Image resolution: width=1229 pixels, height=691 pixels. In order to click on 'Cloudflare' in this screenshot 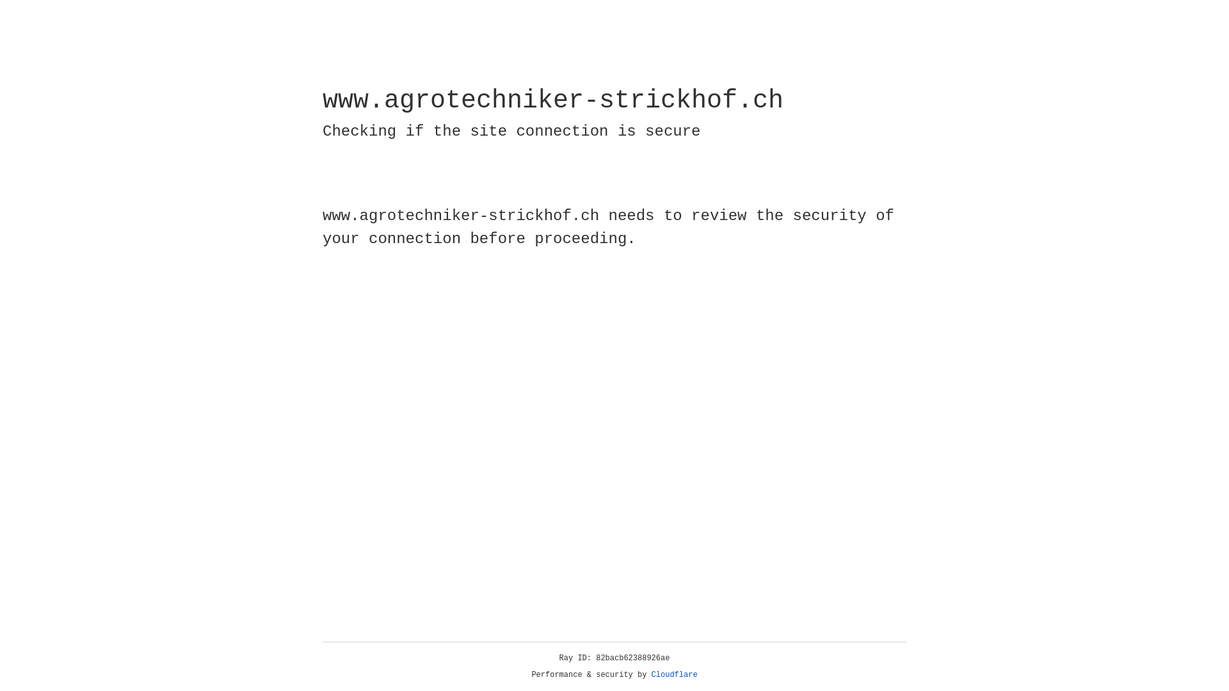, I will do `click(674, 674)`.